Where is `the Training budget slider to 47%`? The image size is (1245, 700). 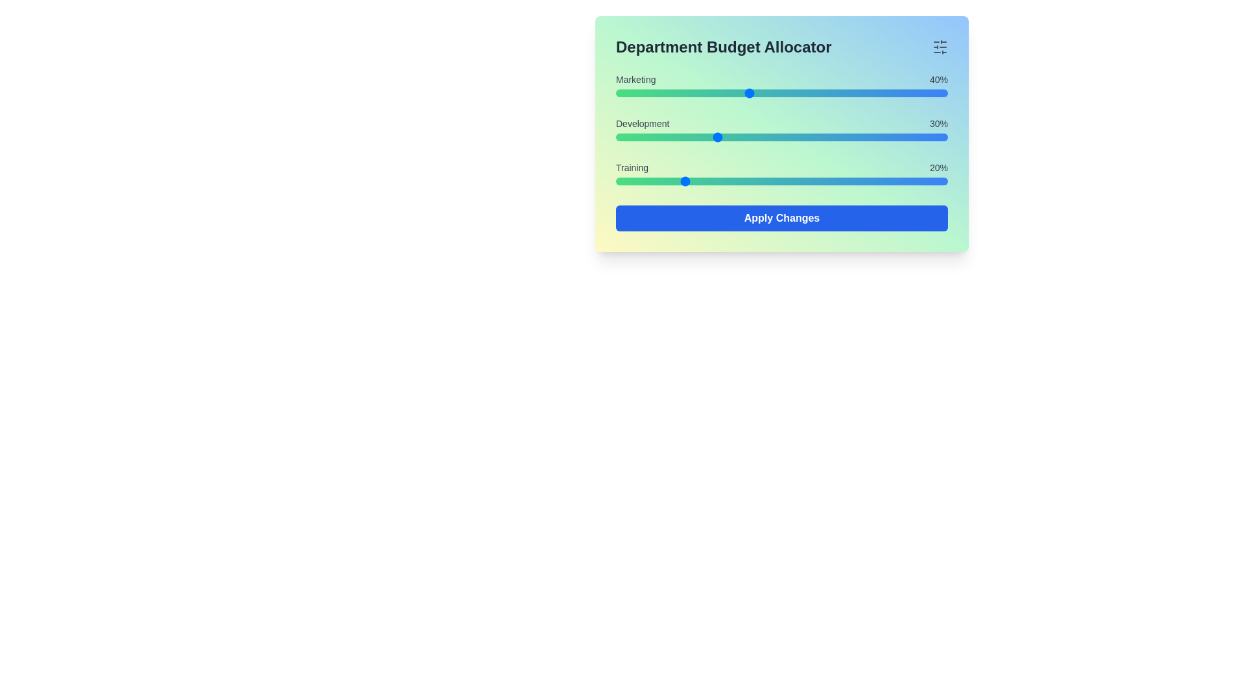
the Training budget slider to 47% is located at coordinates (772, 181).